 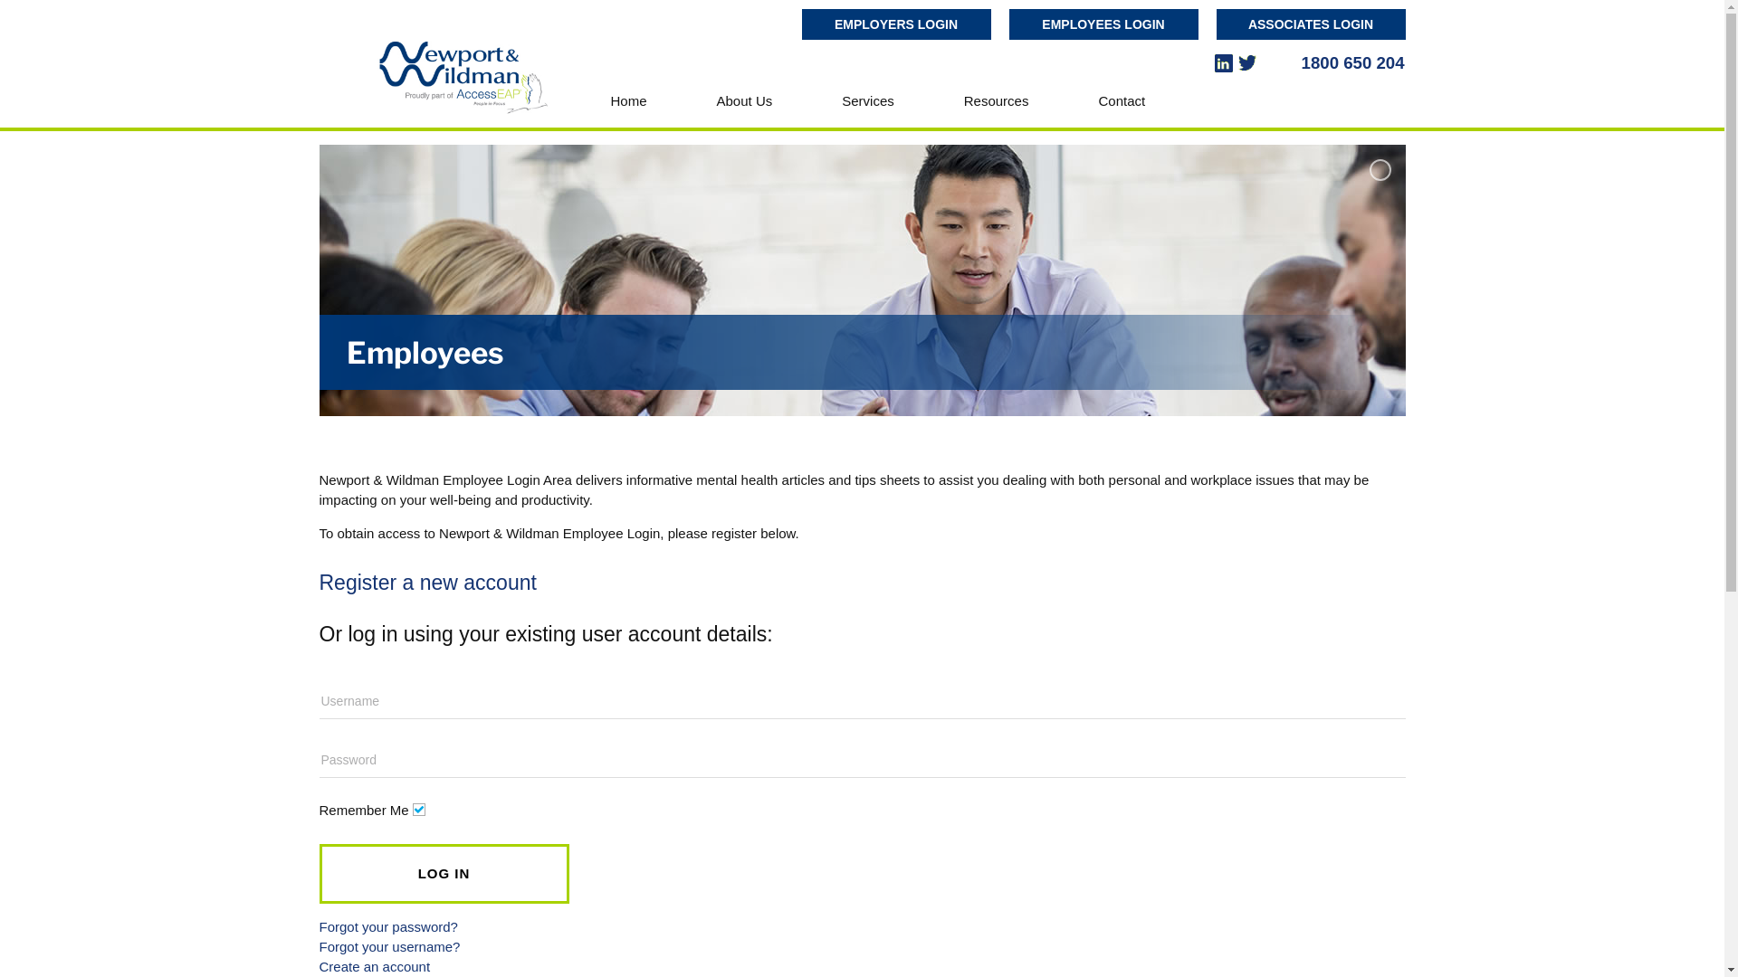 I want to click on 'Forgot your username?', so click(x=388, y=945).